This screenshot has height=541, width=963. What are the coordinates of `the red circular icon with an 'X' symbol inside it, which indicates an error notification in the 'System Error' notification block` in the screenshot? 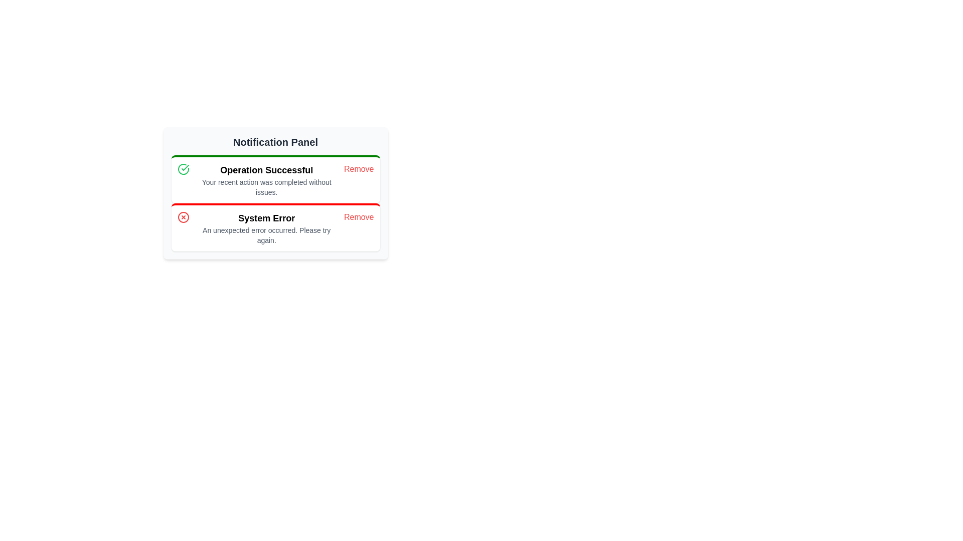 It's located at (183, 217).